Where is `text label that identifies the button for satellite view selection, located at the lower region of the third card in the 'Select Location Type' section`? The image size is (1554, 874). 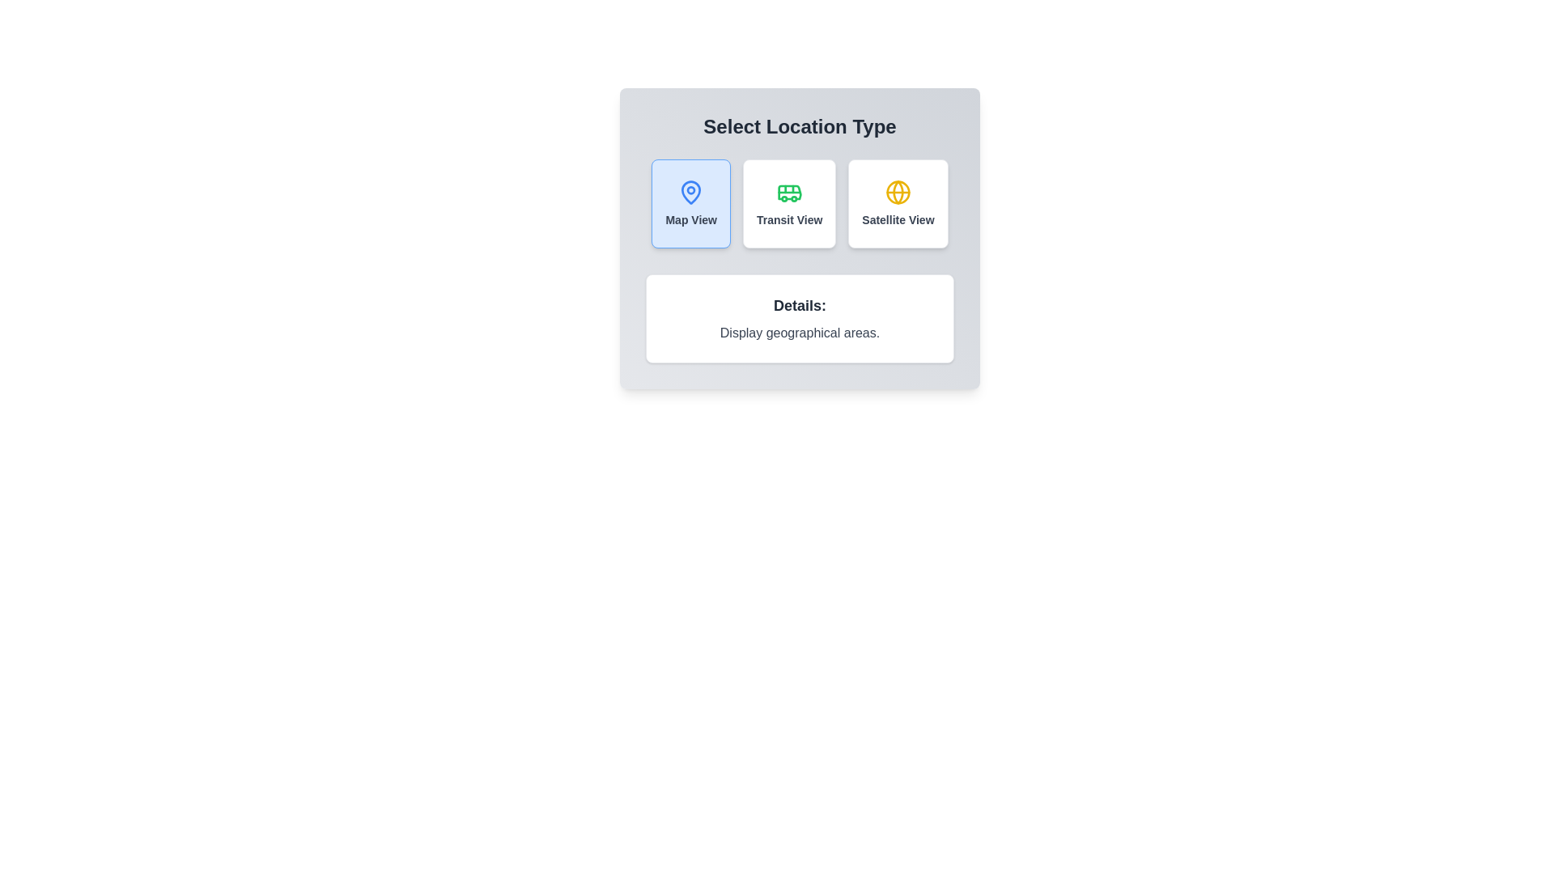 text label that identifies the button for satellite view selection, located at the lower region of the third card in the 'Select Location Type' section is located at coordinates (897, 220).